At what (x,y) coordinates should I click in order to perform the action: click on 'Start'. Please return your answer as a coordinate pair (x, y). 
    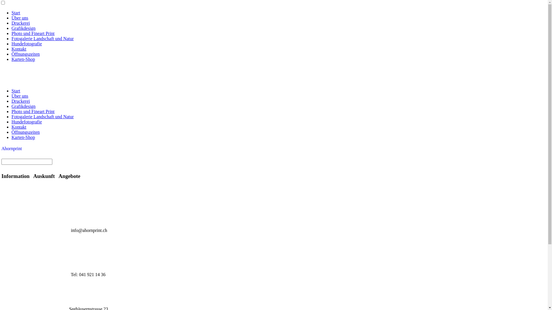
    Looking at the image, I should click on (16, 13).